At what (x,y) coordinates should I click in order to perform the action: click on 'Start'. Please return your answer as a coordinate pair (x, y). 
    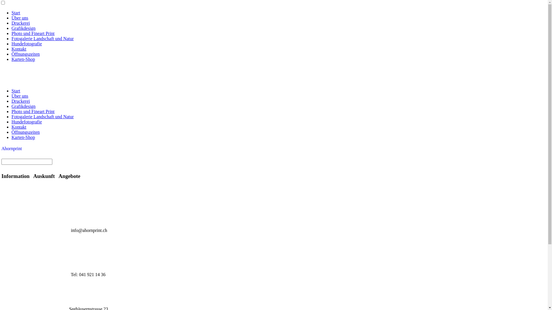
    Looking at the image, I should click on (16, 13).